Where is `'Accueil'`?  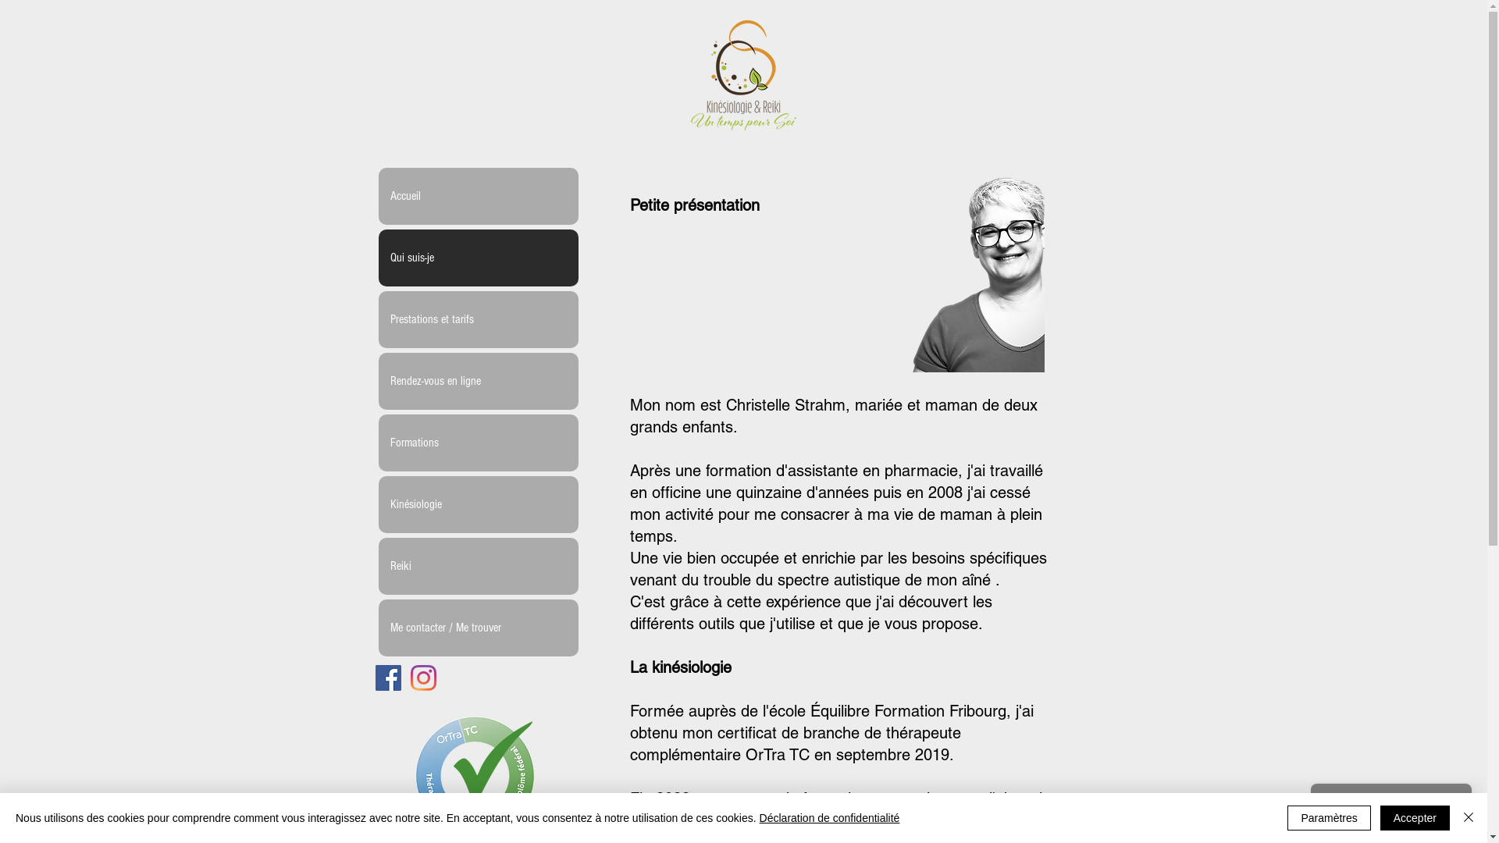 'Accueil' is located at coordinates (378, 195).